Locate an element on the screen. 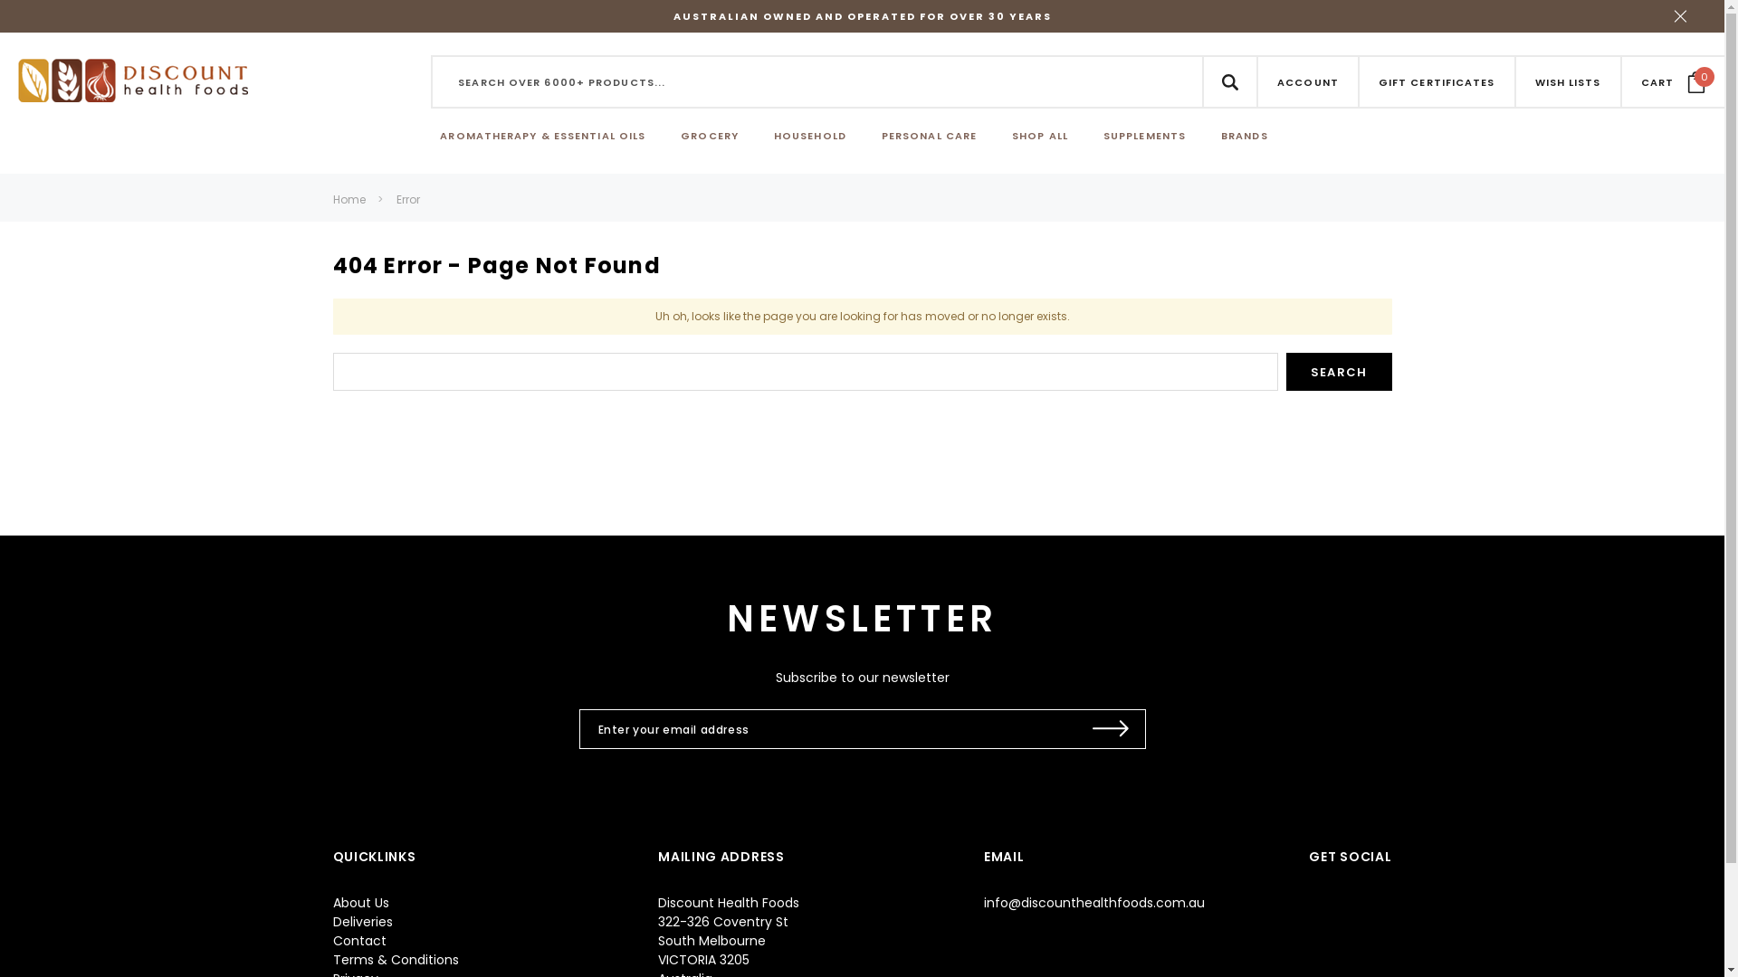 The height and width of the screenshot is (977, 1738). 'CART is located at coordinates (1672, 80).